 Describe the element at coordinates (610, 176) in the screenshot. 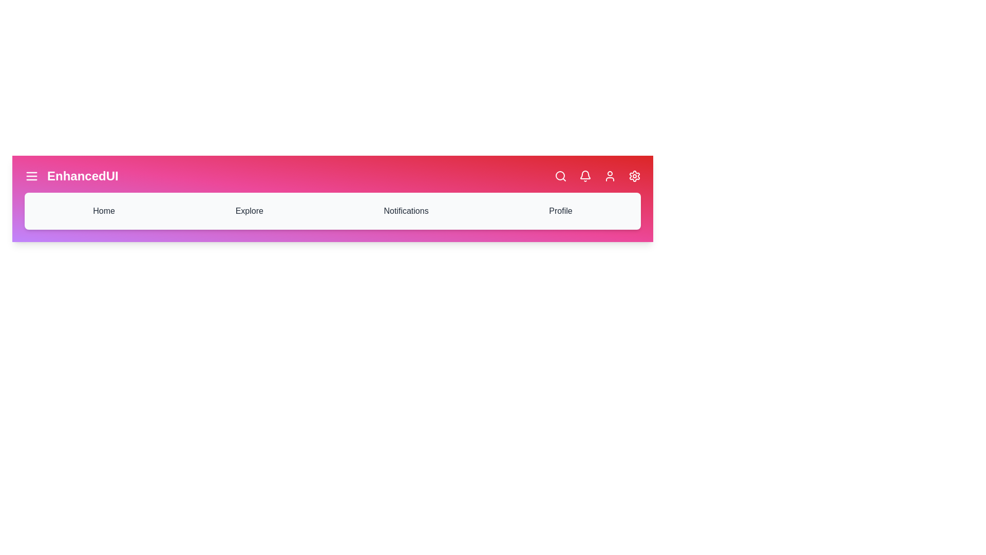

I see `the user icon to view user options` at that location.